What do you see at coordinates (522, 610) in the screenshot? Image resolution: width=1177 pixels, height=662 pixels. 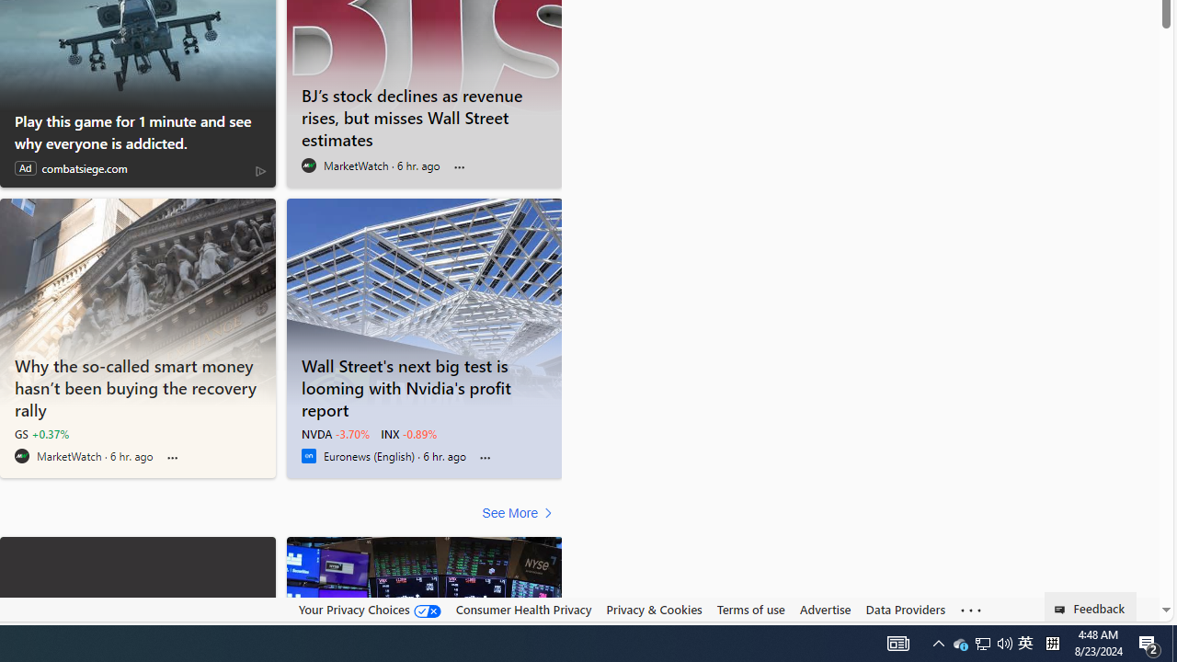 I see `'Consumer Health Privacy'` at bounding box center [522, 610].